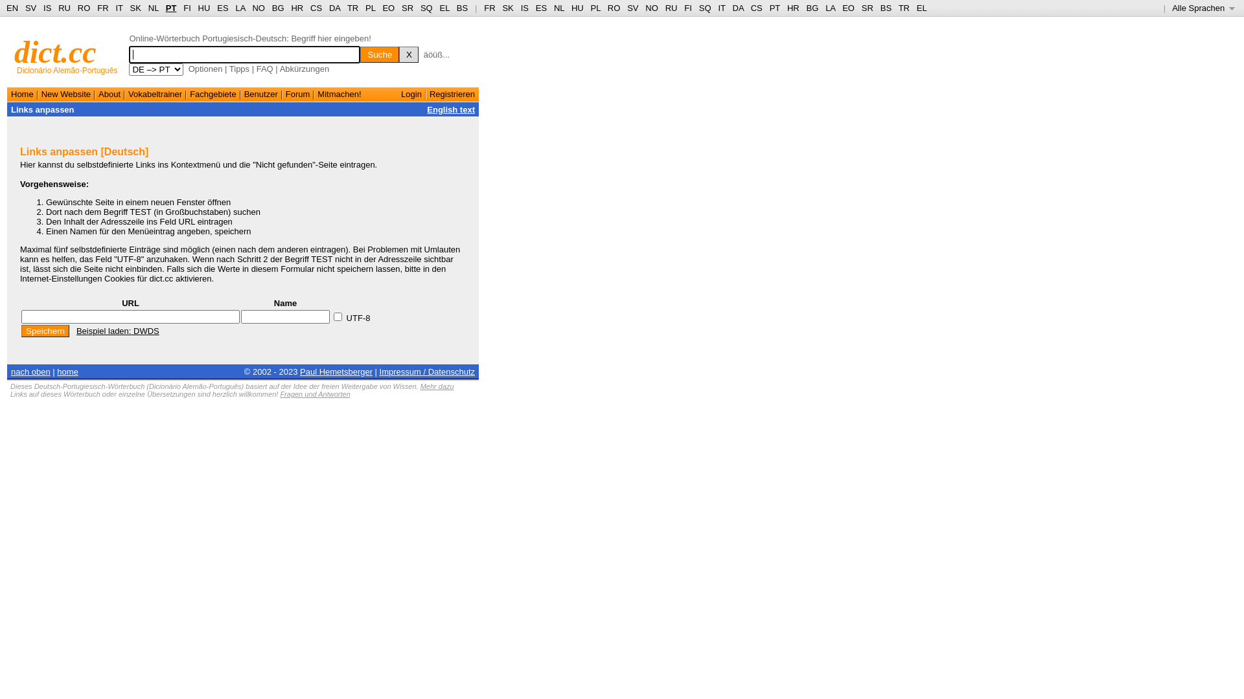  I want to click on 'English text', so click(451, 109).